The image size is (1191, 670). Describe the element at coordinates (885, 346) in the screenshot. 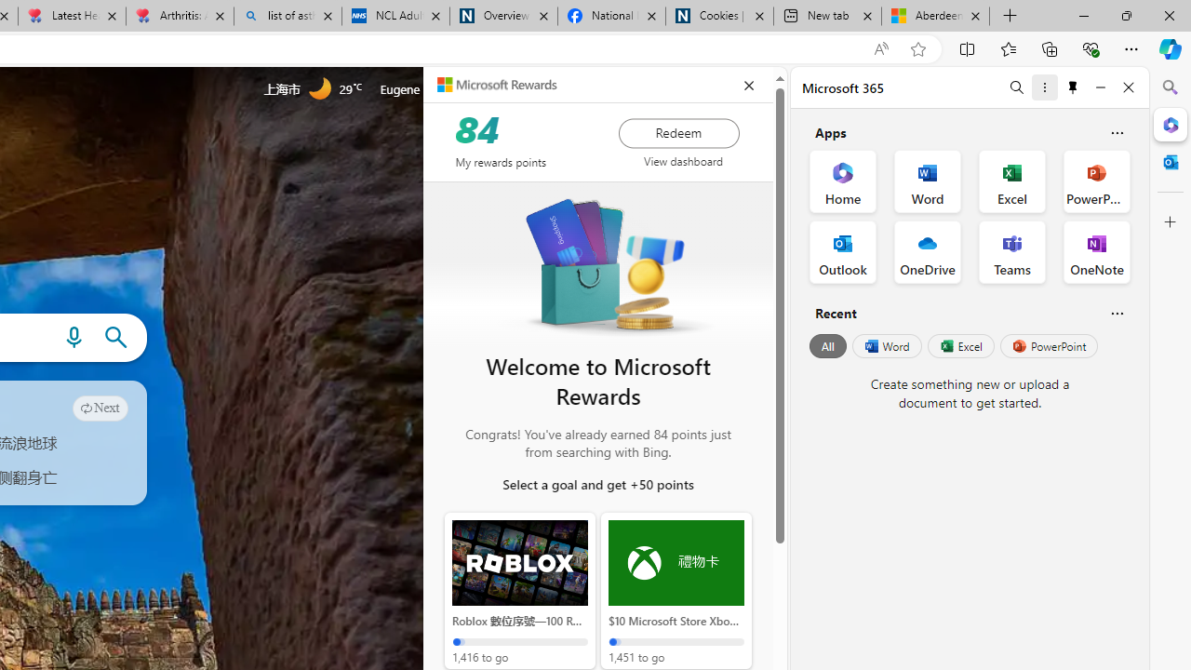

I see `'Word'` at that location.